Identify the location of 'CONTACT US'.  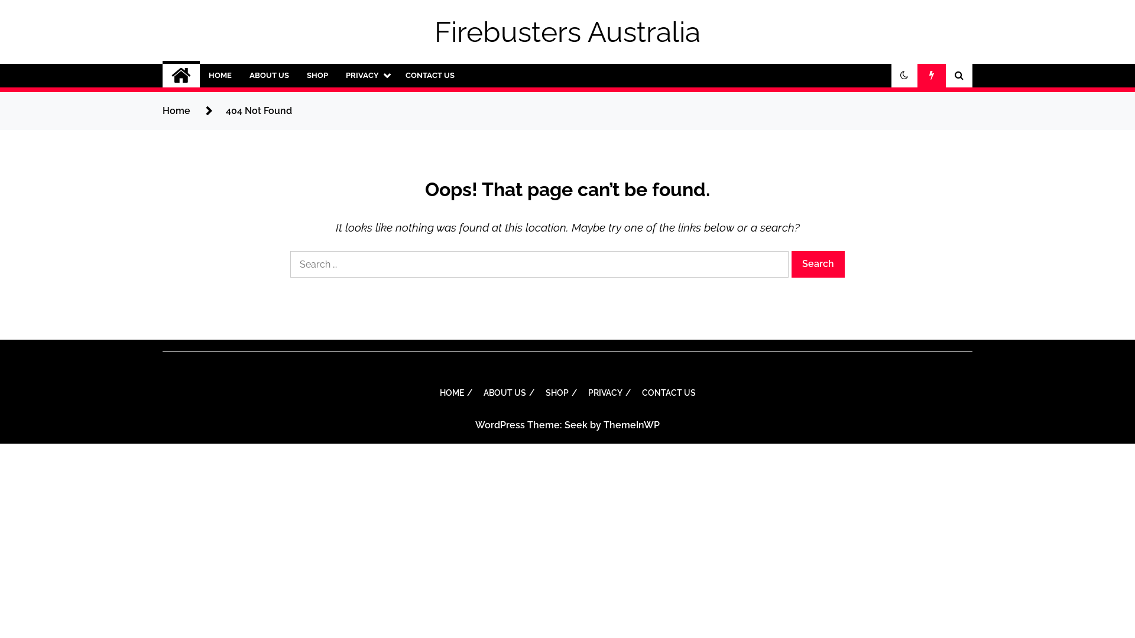
(429, 75).